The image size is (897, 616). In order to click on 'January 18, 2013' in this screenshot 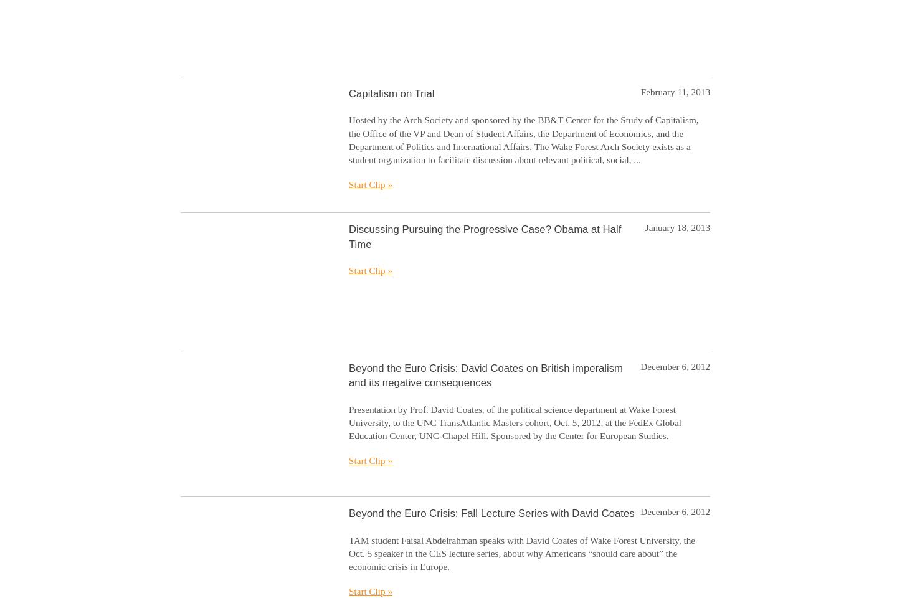, I will do `click(676, 227)`.